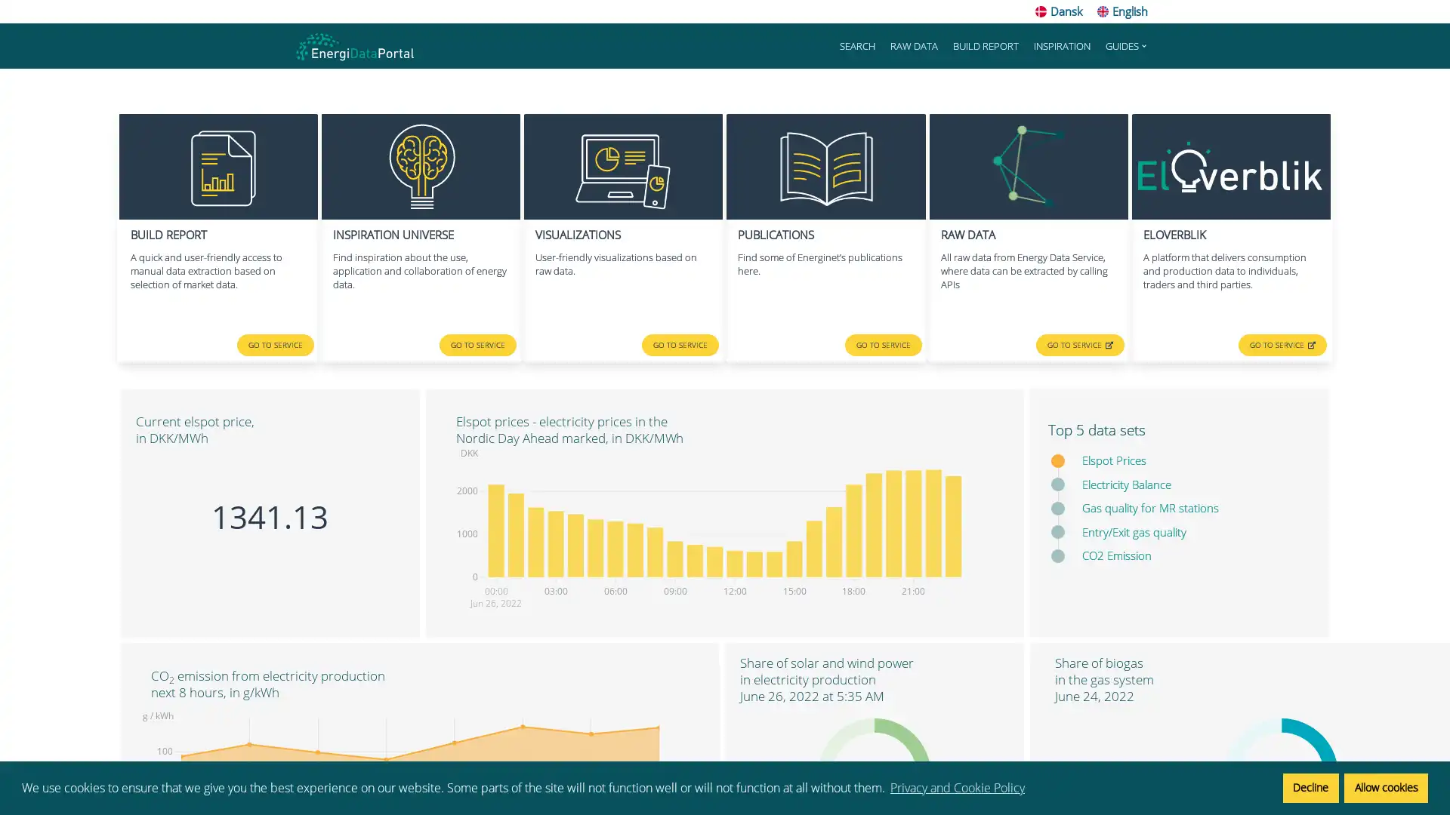 The height and width of the screenshot is (815, 1450). Describe the element at coordinates (1126, 45) in the screenshot. I see `GUIDES` at that location.